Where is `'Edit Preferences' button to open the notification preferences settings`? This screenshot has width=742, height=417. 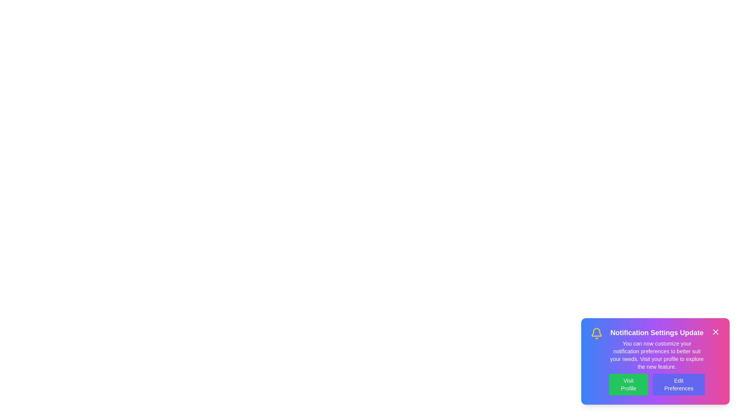 'Edit Preferences' button to open the notification preferences settings is located at coordinates (678, 384).